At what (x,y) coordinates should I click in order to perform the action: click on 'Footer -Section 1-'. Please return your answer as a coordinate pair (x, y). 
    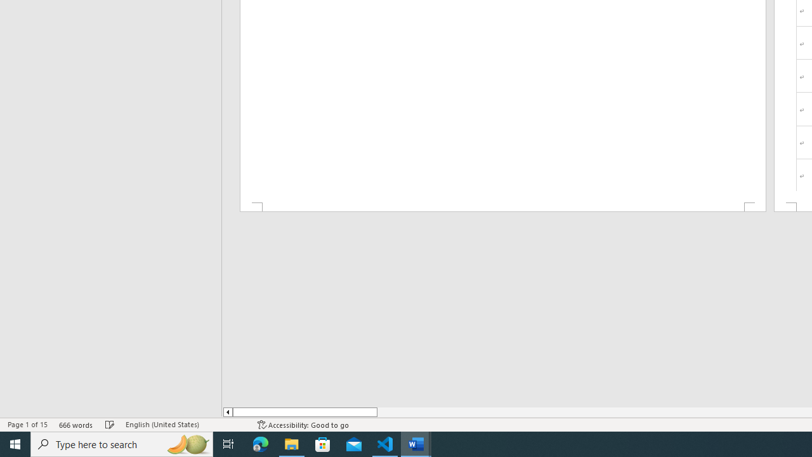
    Looking at the image, I should click on (502, 206).